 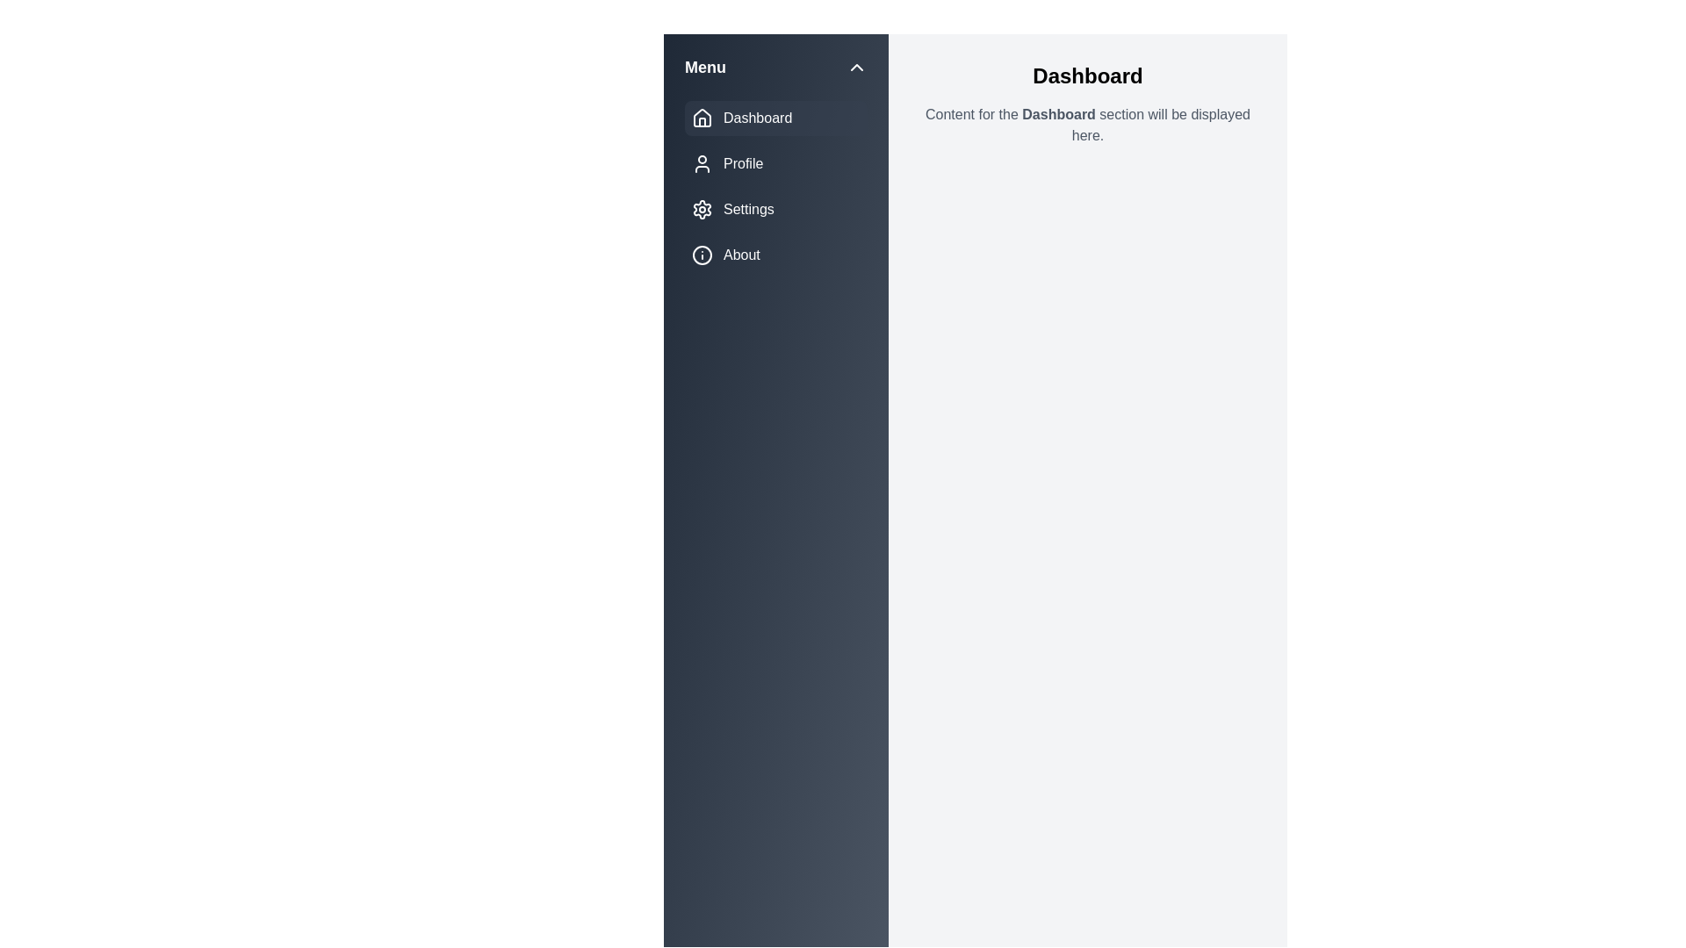 I want to click on the 'Settings' label in the vertical navigation menu, so click(x=748, y=209).